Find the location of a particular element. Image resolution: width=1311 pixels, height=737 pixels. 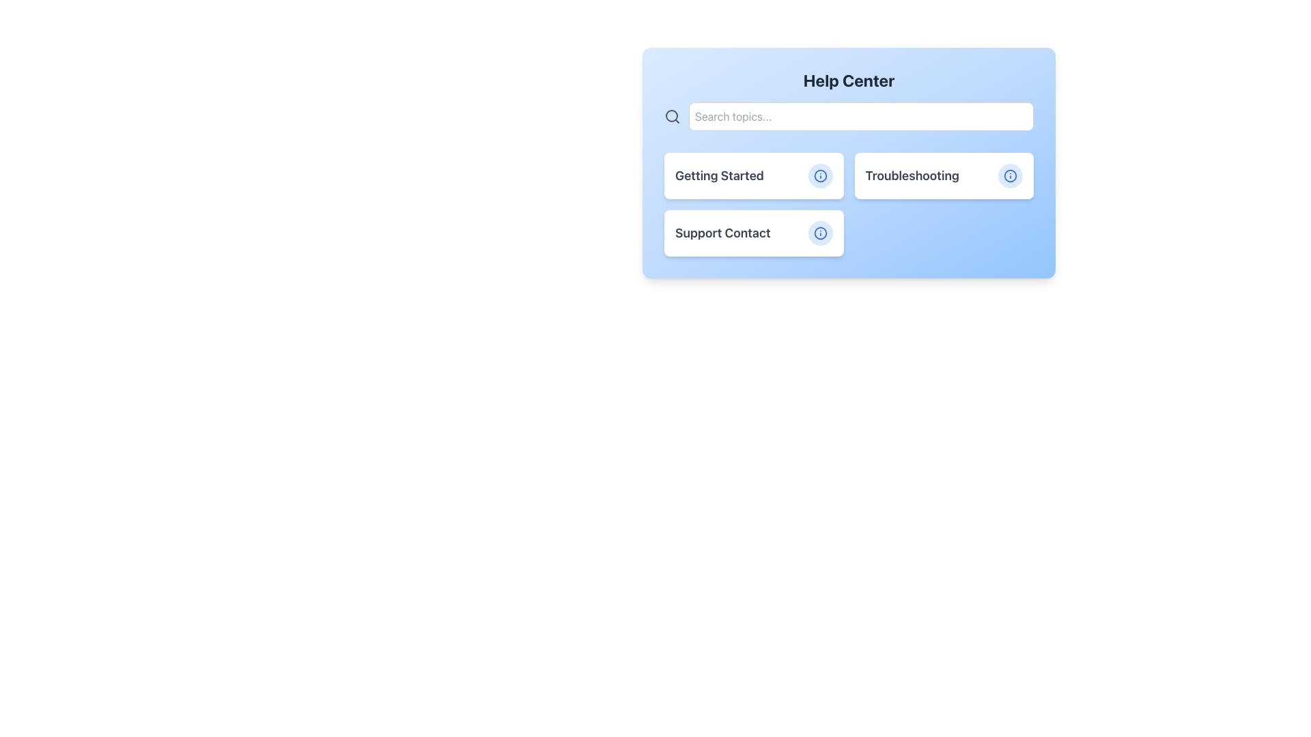

the SVG Circle Element styled as part of the 'Support Contact' button in the 'Help Center' panel, which features a blue outline is located at coordinates (819, 233).